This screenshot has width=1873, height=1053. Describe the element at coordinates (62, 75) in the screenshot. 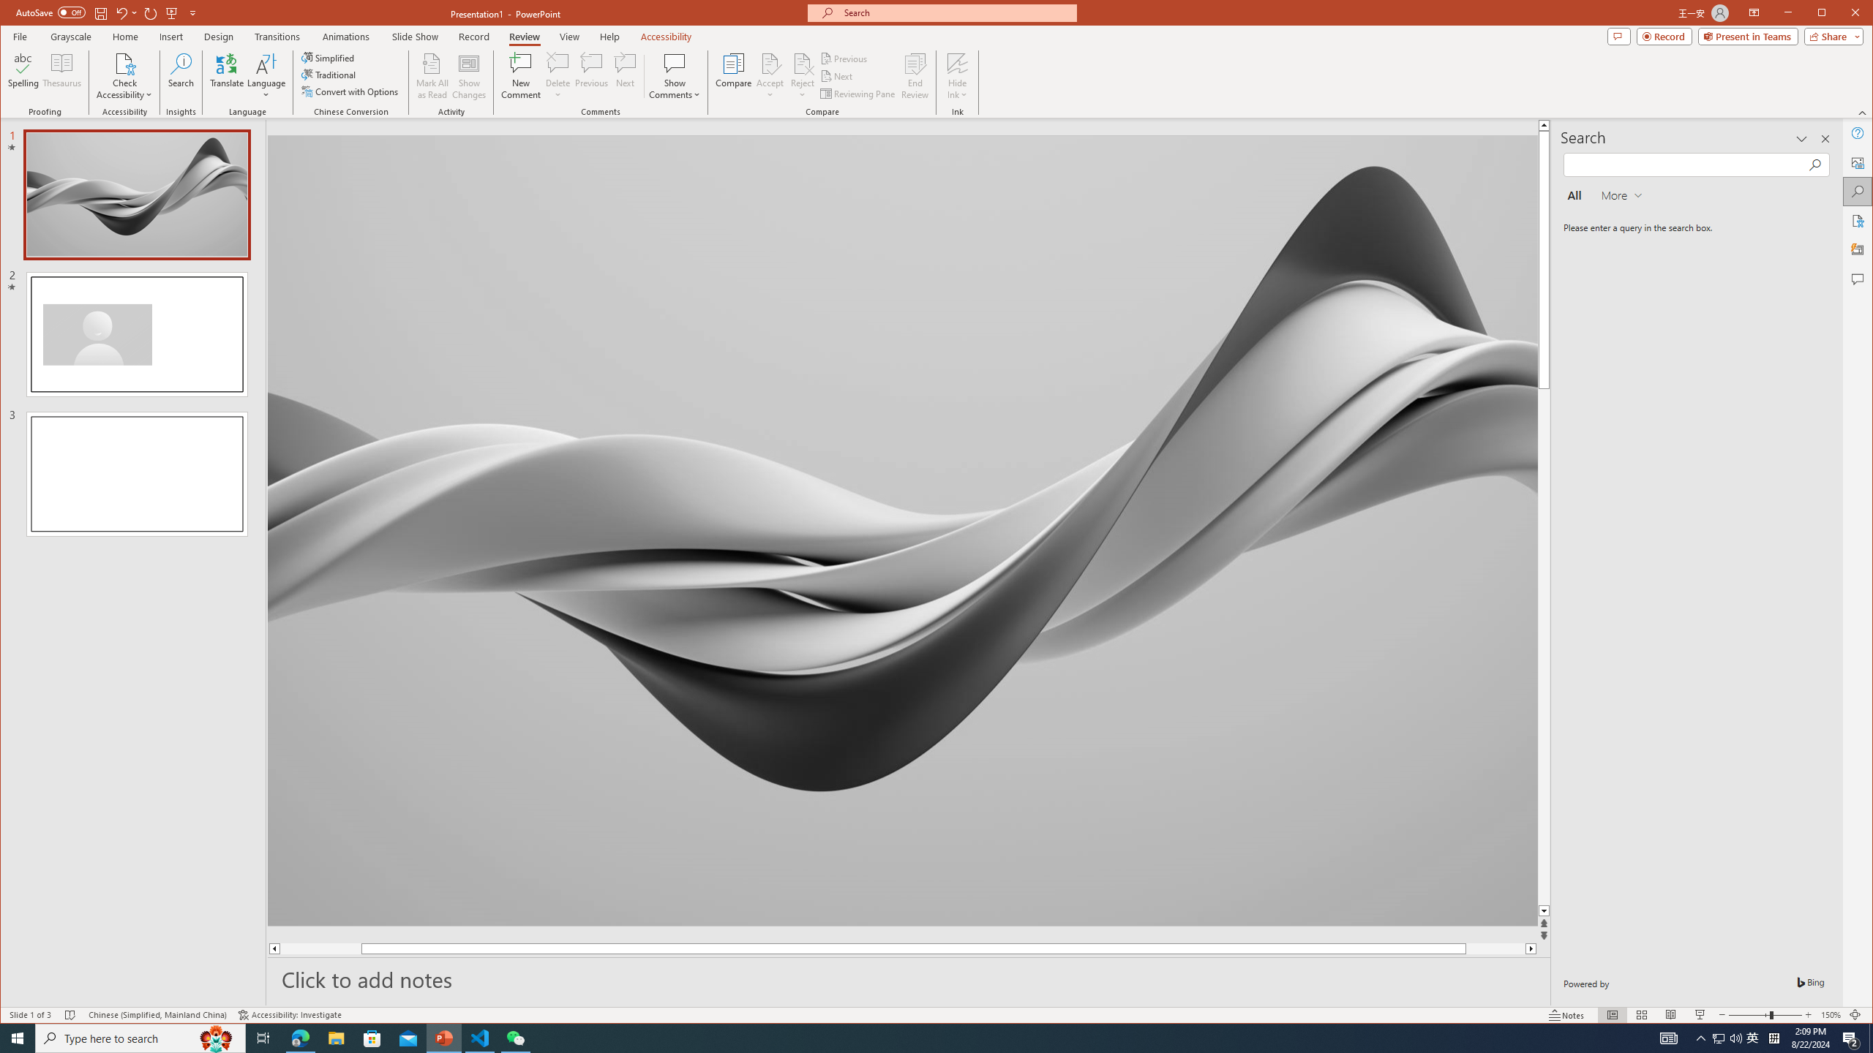

I see `'Thesaurus...'` at that location.